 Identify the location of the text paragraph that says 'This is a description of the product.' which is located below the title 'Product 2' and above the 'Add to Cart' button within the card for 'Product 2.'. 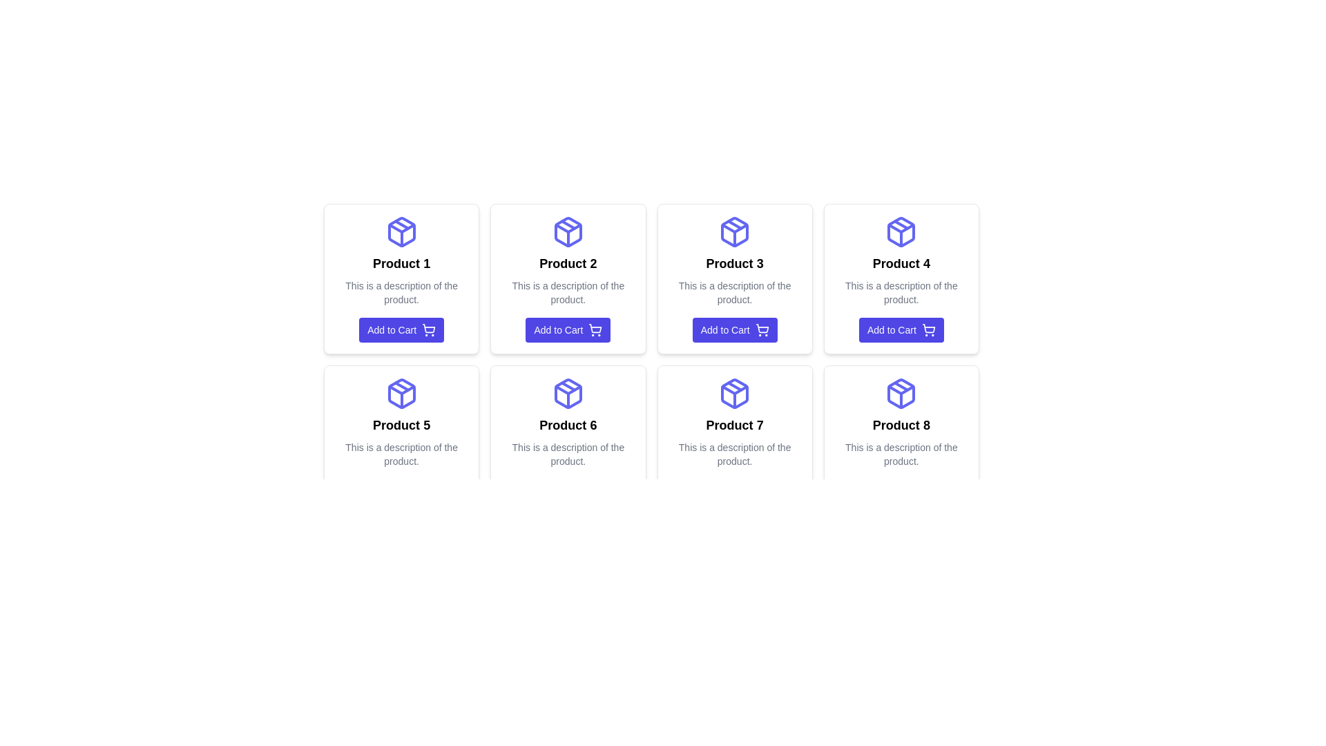
(568, 292).